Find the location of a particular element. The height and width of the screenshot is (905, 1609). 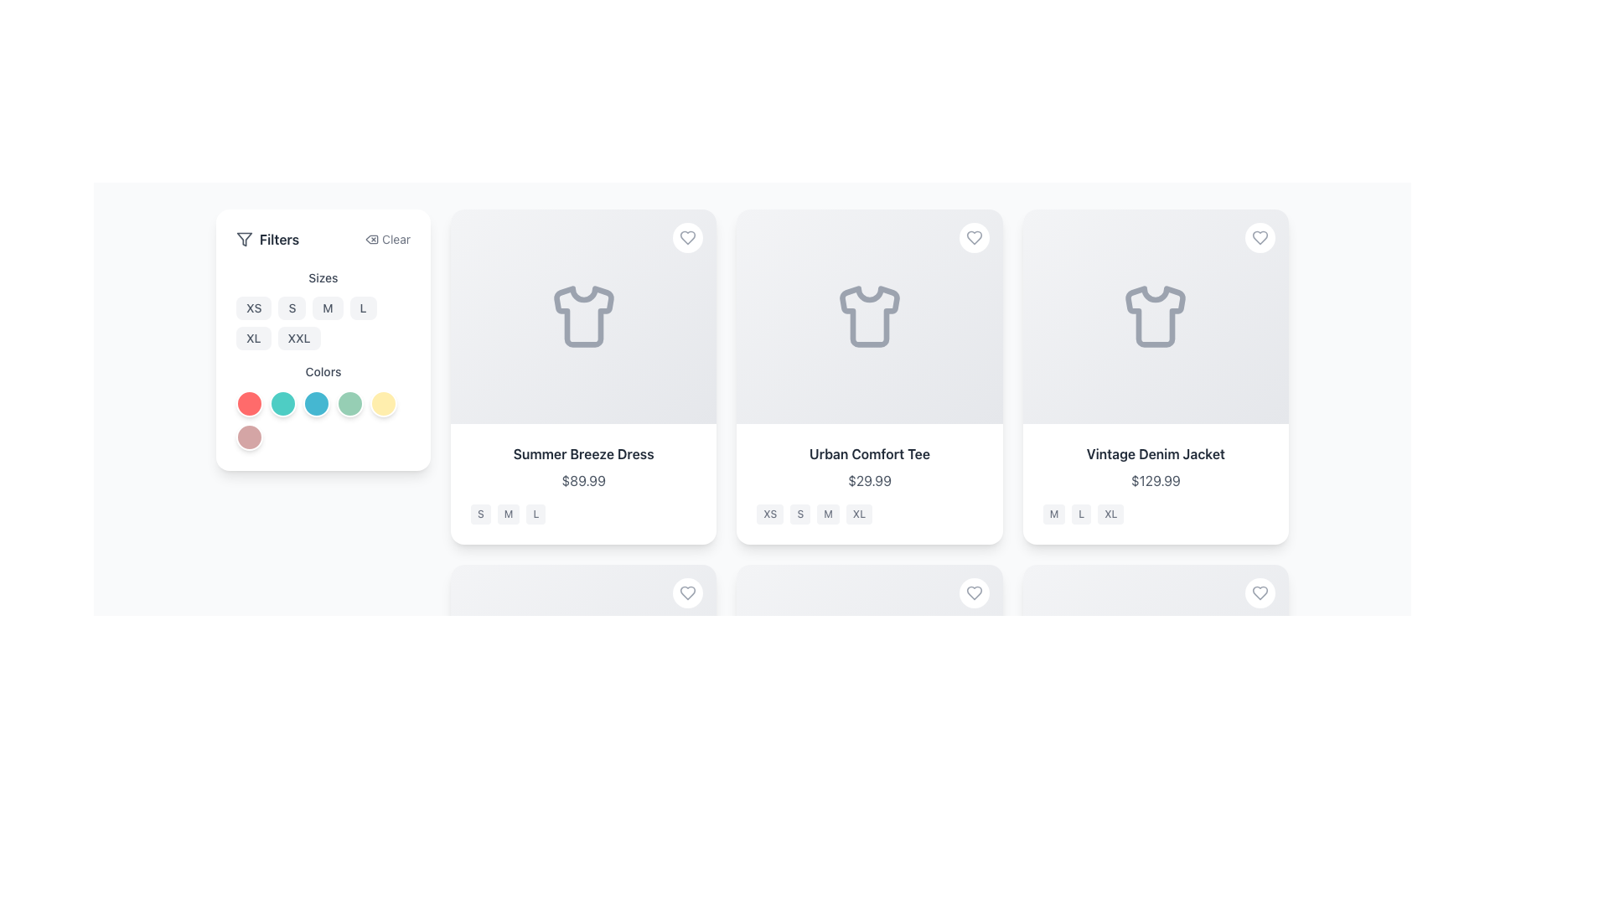

the group of size option selectors displaying 'M', 'L', 'XL' for the product 'Vintage Denim Jacket', located below the price '$129.99' is located at coordinates (1155, 513).